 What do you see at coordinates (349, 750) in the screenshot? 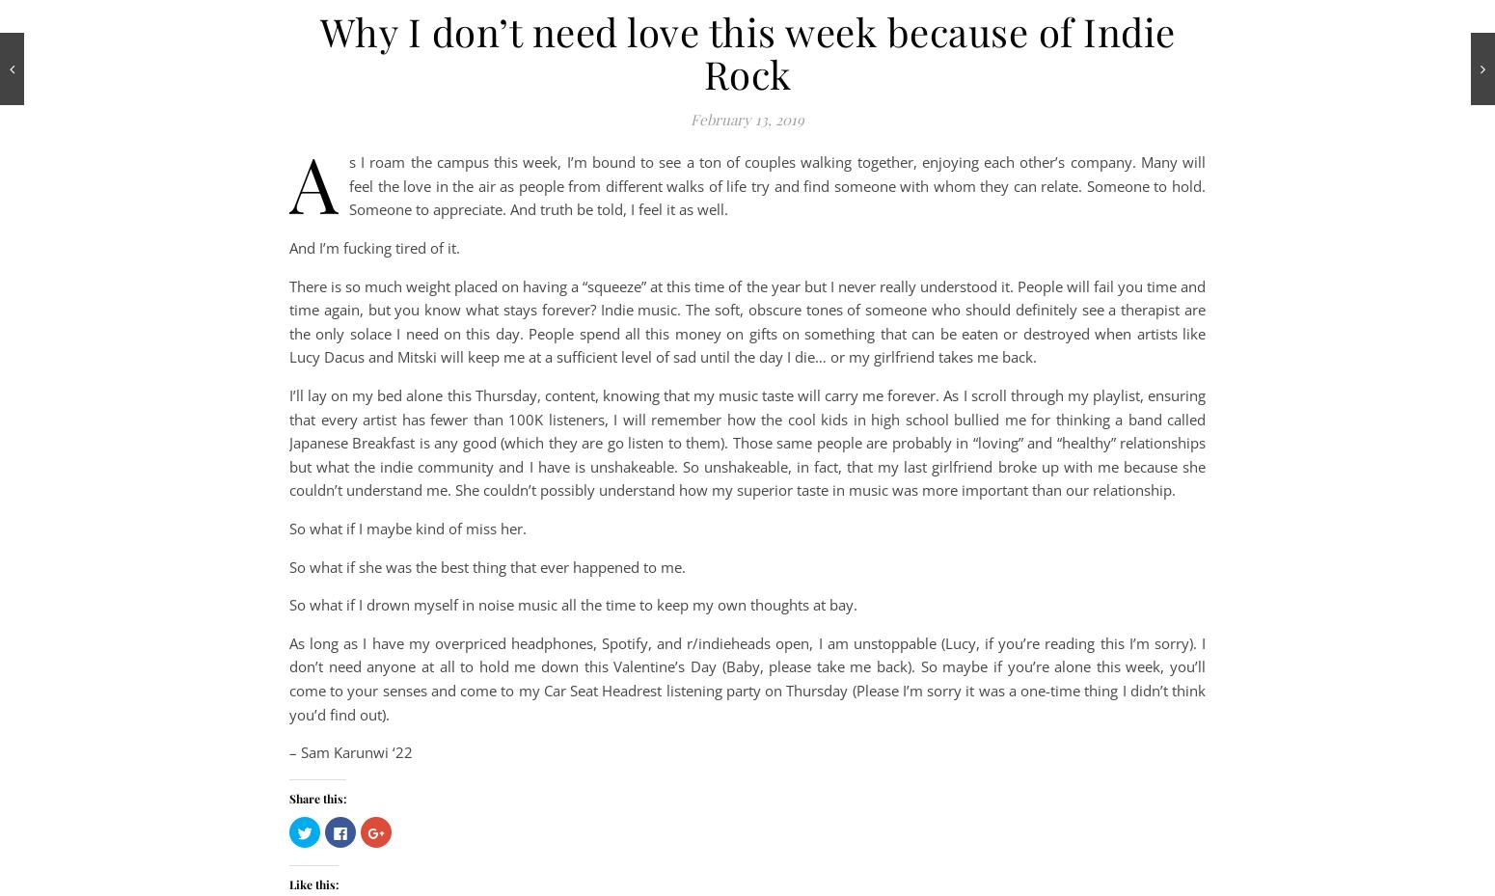
I see `'– Sam Karunwi ‘22'` at bounding box center [349, 750].